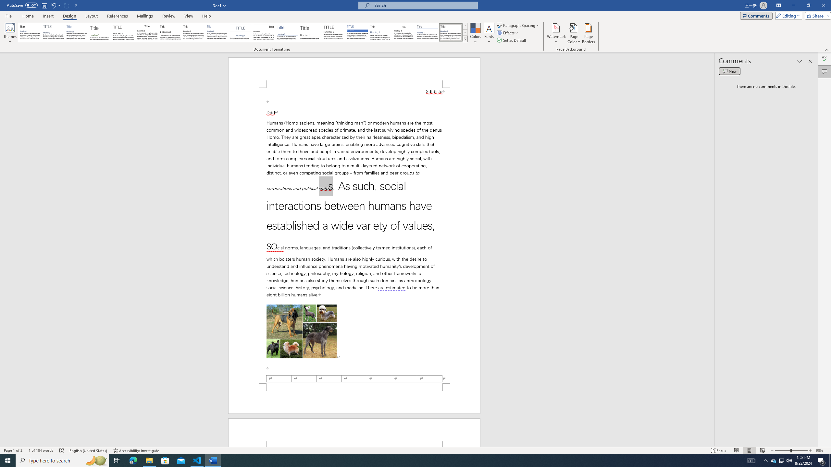 This screenshot has width=831, height=467. Describe the element at coordinates (508, 32) in the screenshot. I see `'Effects'` at that location.